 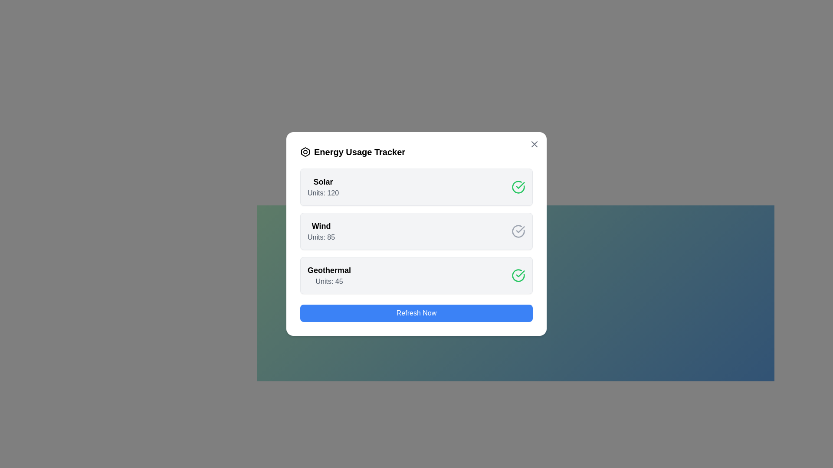 I want to click on displayed information from the Text display that shows 'Geothermal Units: 45', which is the third item in a vertical list below 'Solar Units: 120' and 'Wind Units: 85', so click(x=328, y=276).